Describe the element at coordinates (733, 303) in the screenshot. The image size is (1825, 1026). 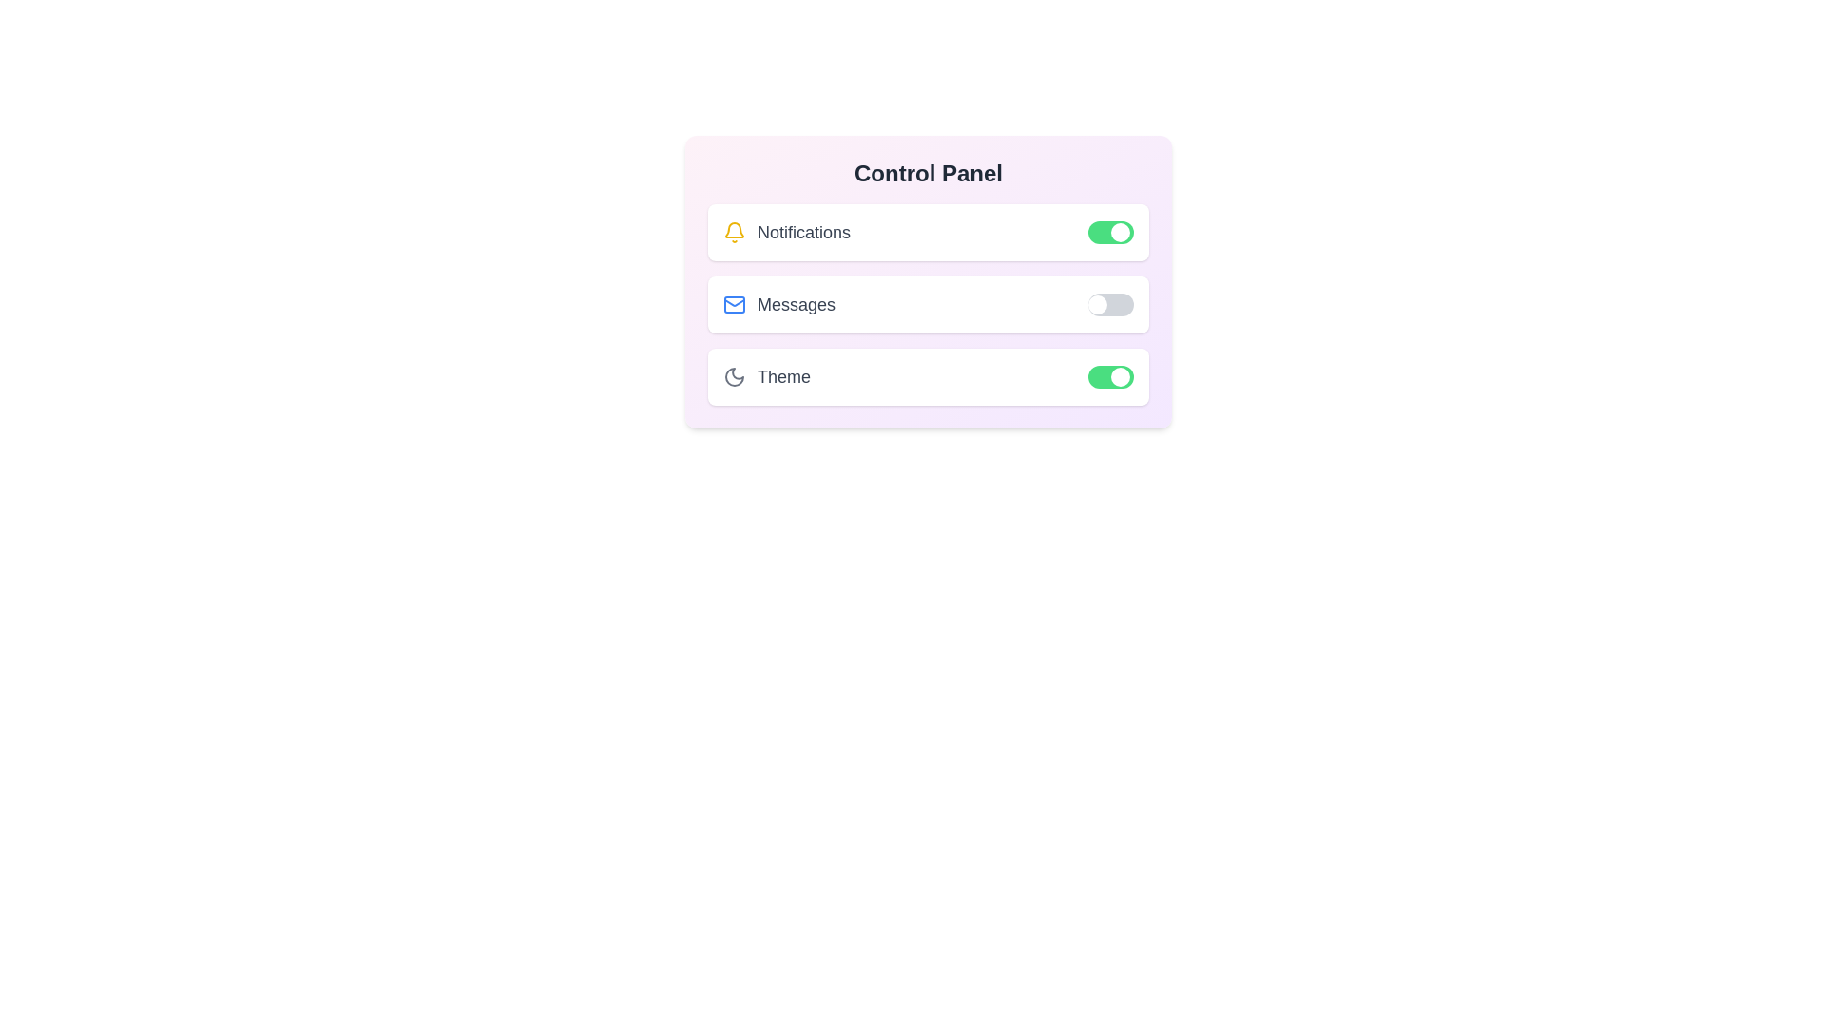
I see `the light-colored rectangular component styled as part of the mail icon, which represents the body of an envelope in the 'Messages' section` at that location.